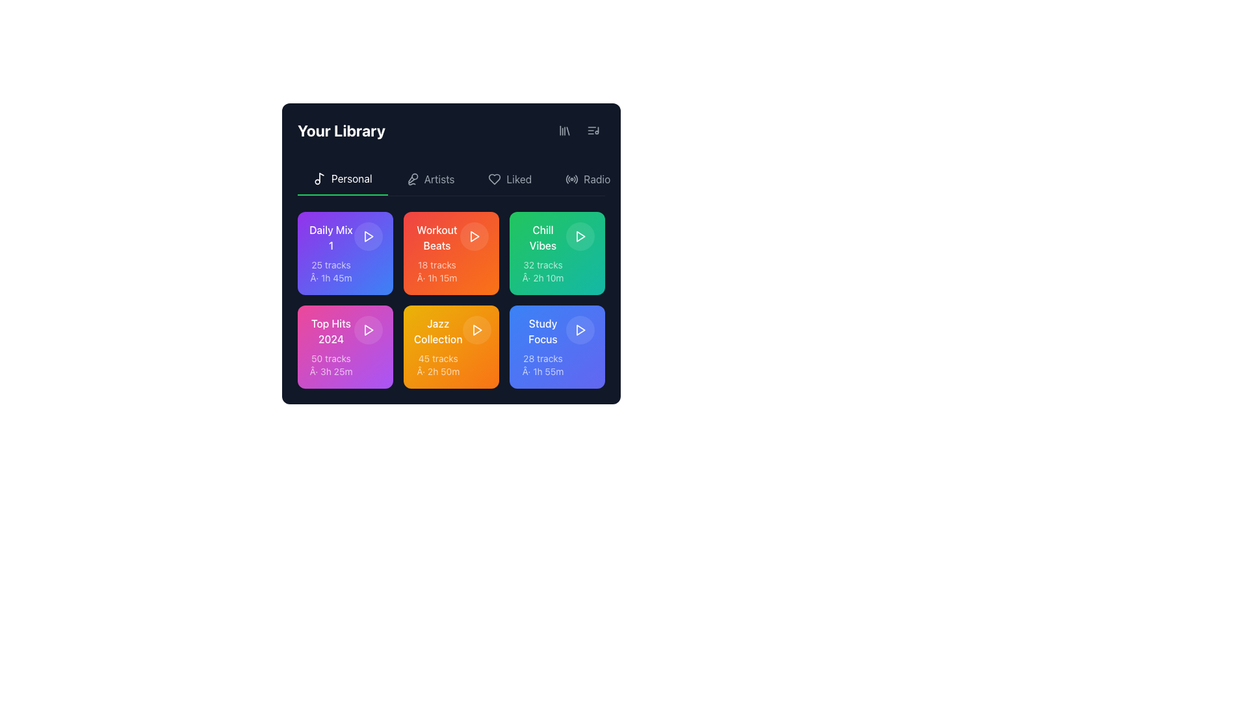  Describe the element at coordinates (543, 346) in the screenshot. I see `the text-based UI component representing a playlist or album in the library view` at that location.